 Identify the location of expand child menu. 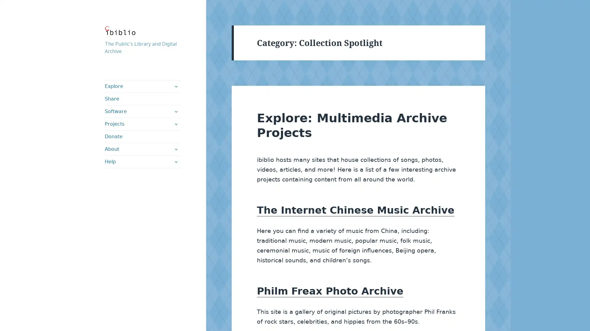
(175, 86).